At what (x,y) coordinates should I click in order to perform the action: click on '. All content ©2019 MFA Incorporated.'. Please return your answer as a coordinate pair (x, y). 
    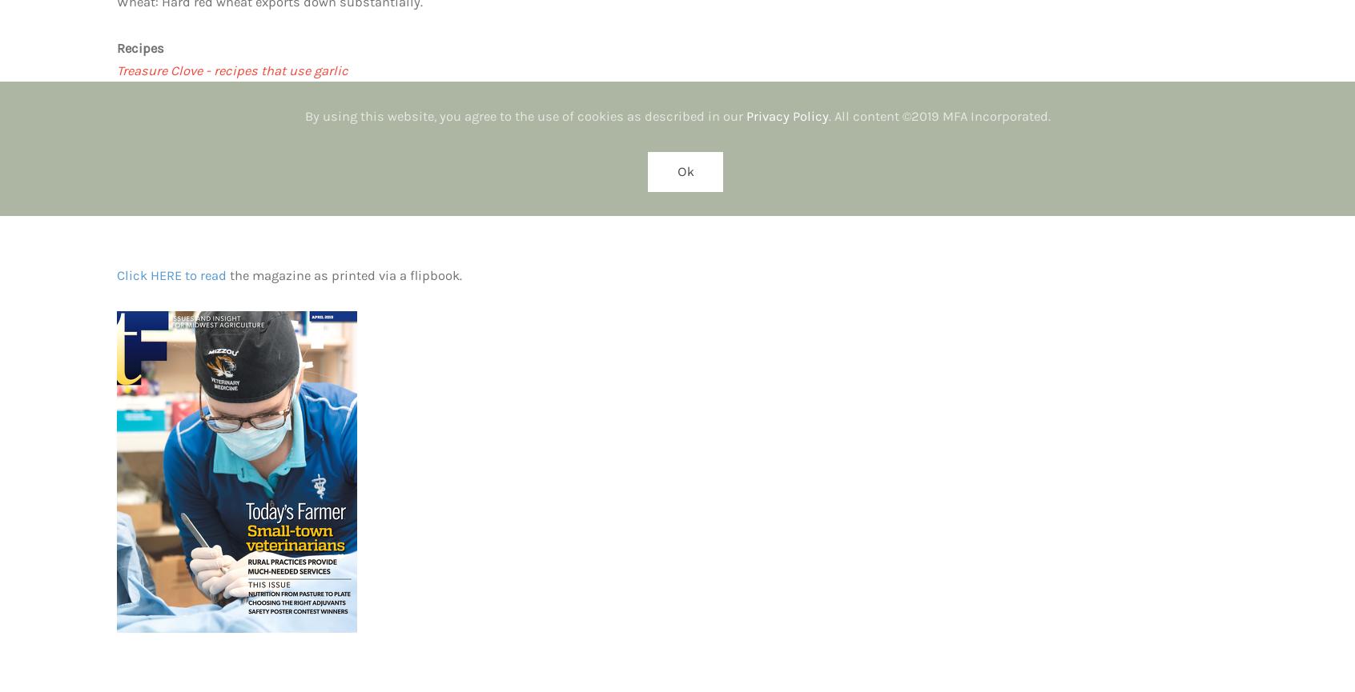
    Looking at the image, I should click on (938, 115).